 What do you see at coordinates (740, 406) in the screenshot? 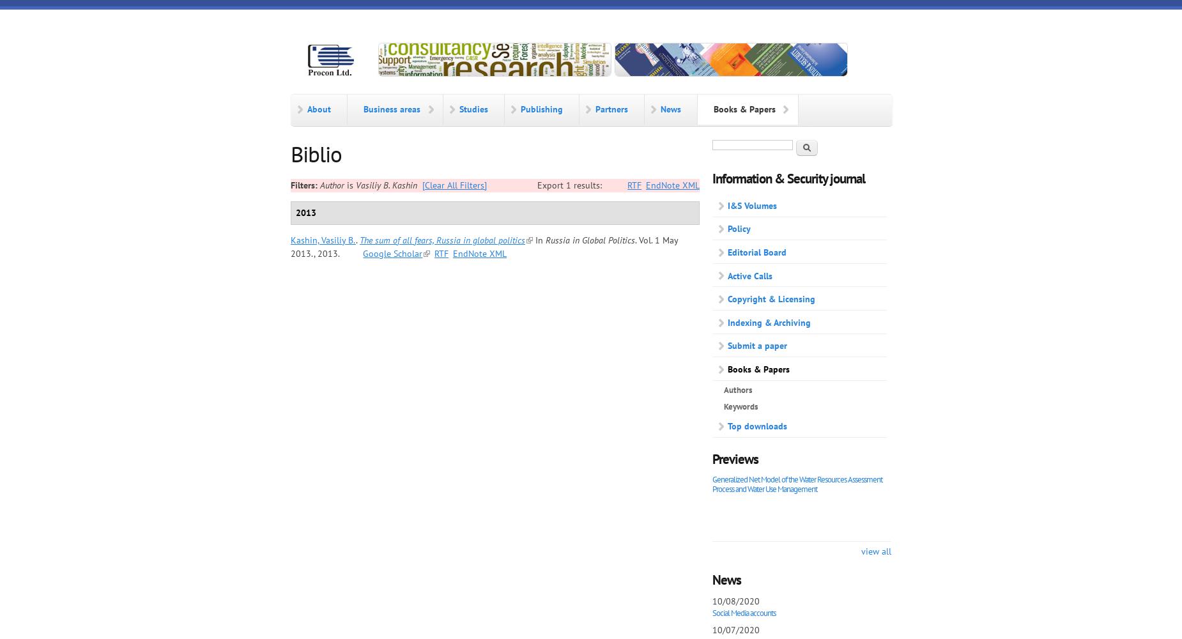
I see `'Keywords'` at bounding box center [740, 406].